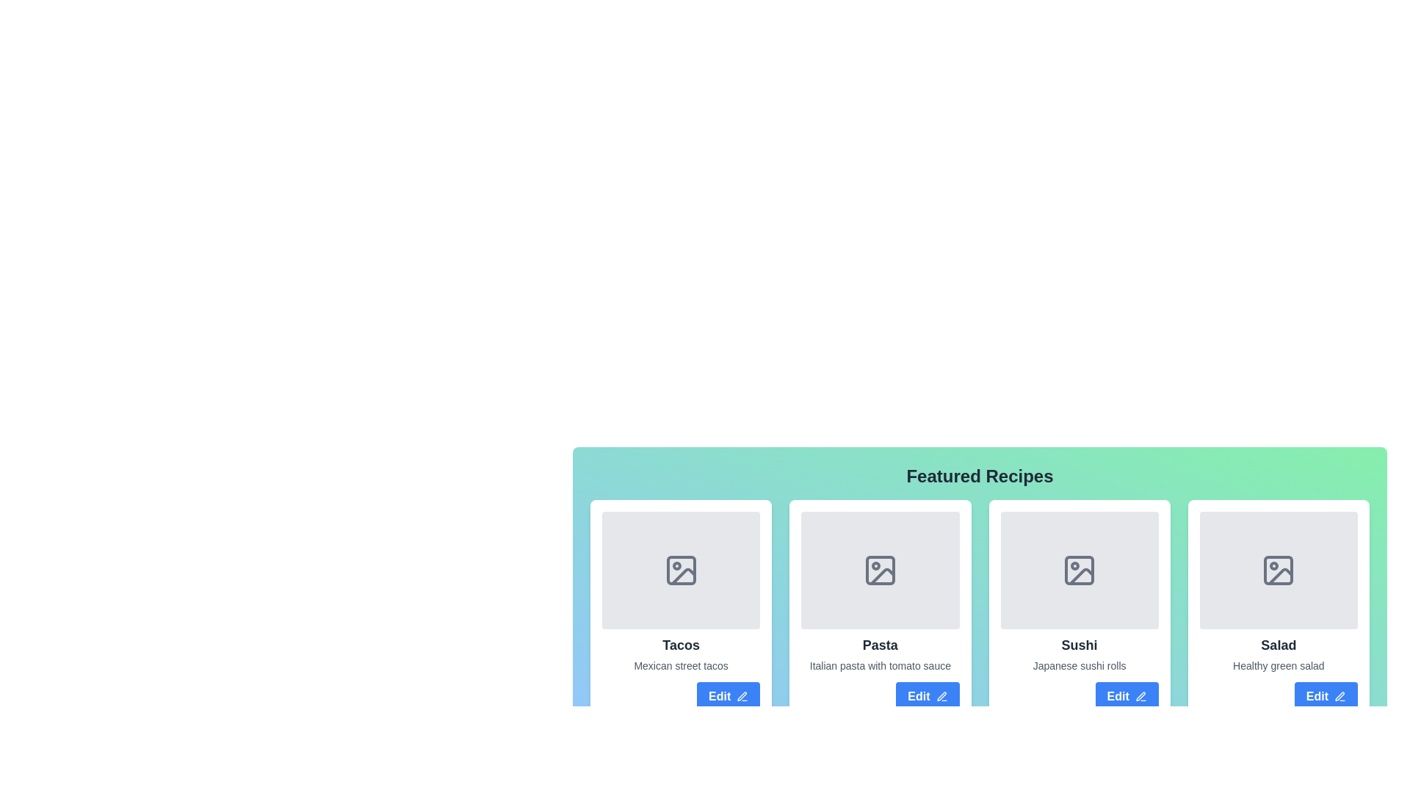 Image resolution: width=1410 pixels, height=793 pixels. I want to click on the icon placeholder for an image located inside the 'Pasta' card, so click(880, 569).